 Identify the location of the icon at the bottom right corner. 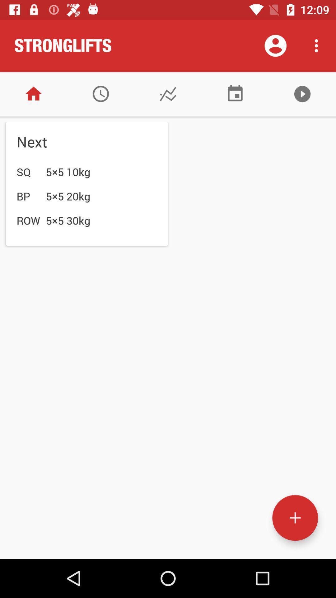
(295, 518).